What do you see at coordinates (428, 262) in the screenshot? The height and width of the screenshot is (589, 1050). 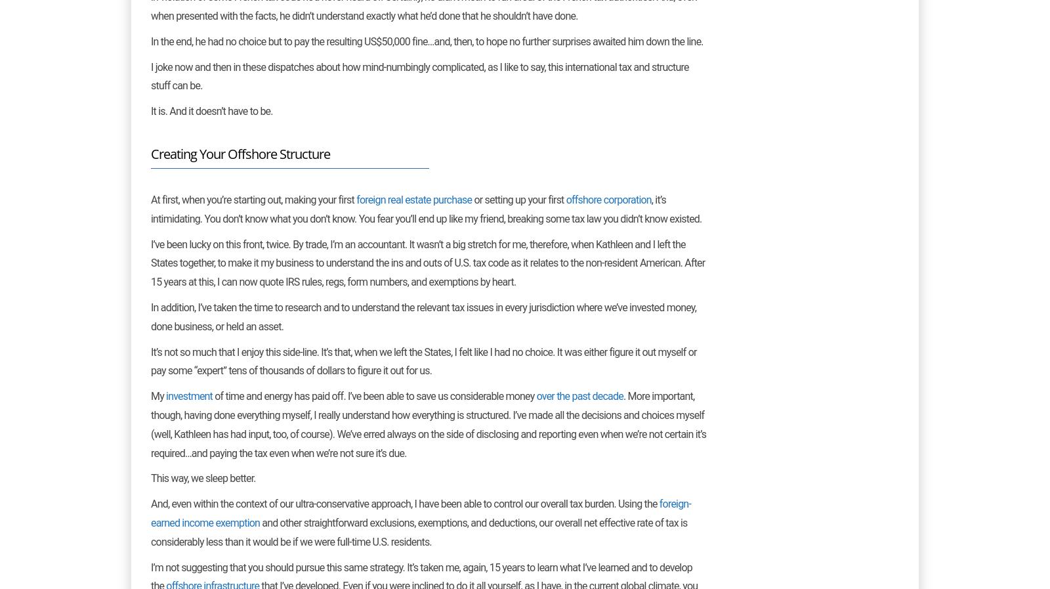 I see `'I’ve been lucky on this front, twice. By trade, I’m an accountant. It wasn’t a big stretch for me, therefore, when Kathleen and I left the States together, to make it my business to understand the ins and outs of U.S. tax code as it relates to the non-resident American. After 15 years at this, I can now quote IRS rules, regs, form numbers, and exemptions by heart.'` at bounding box center [428, 262].